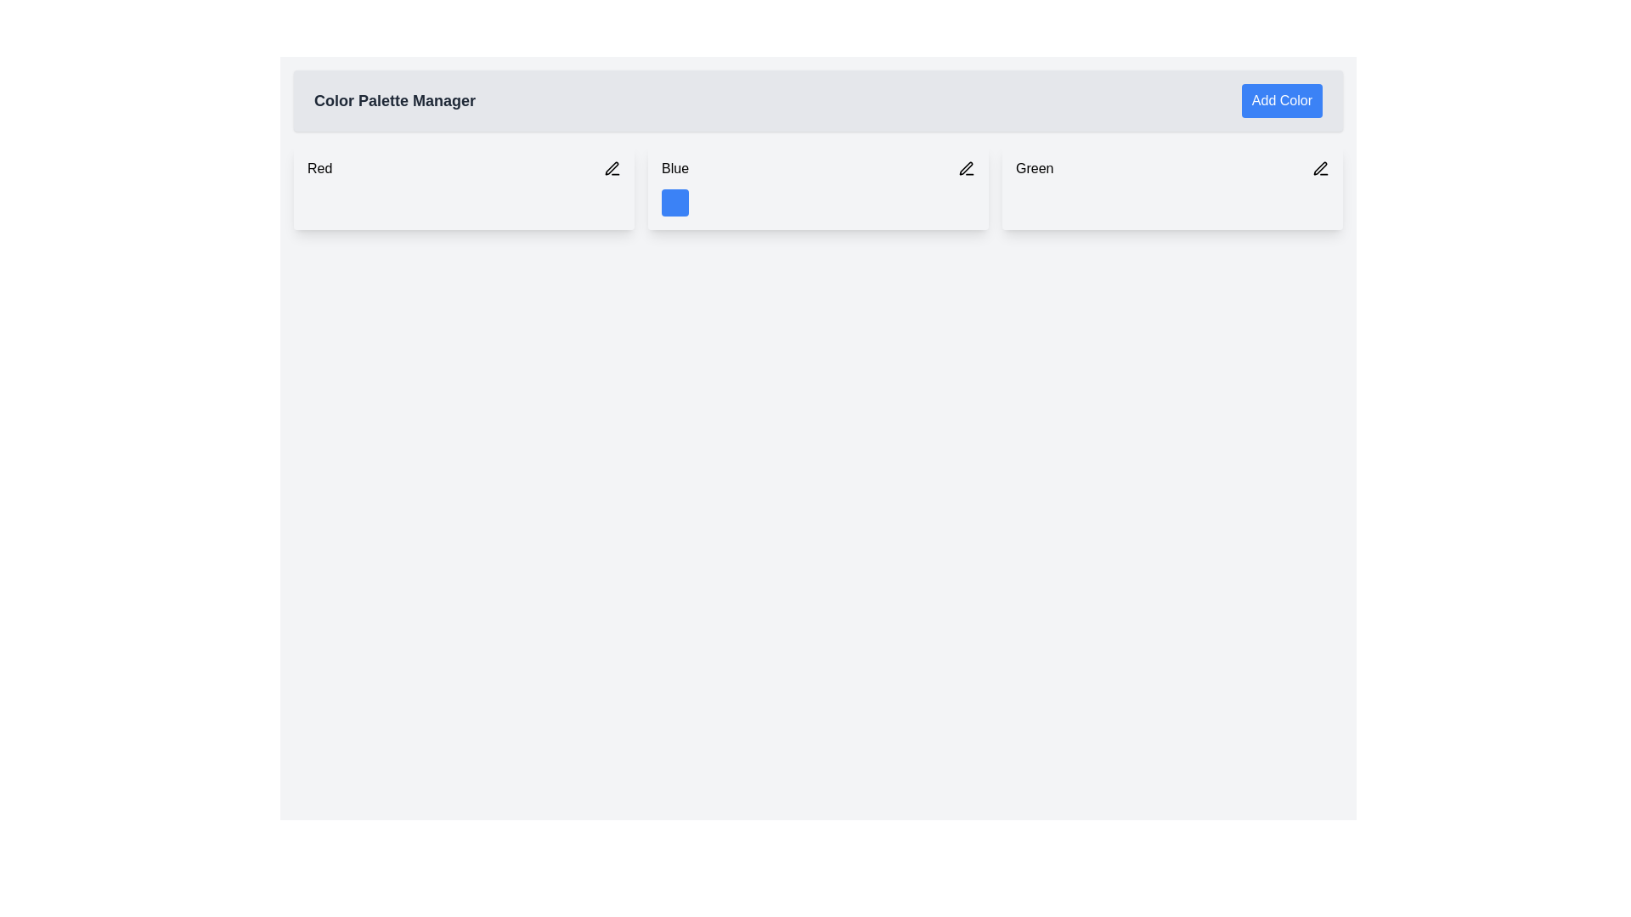 The height and width of the screenshot is (917, 1631). Describe the element at coordinates (1320, 169) in the screenshot. I see `the edit Icon button located in the top-right corner of the 'Green' color panel, next to the text label 'Green'` at that location.